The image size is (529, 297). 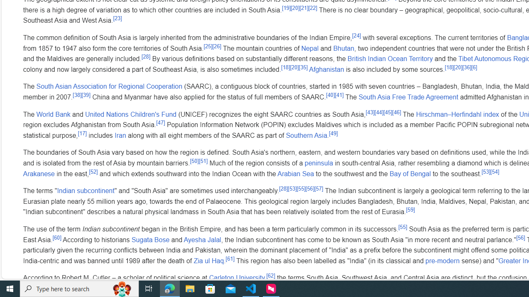 I want to click on '[47]', so click(x=160, y=123).